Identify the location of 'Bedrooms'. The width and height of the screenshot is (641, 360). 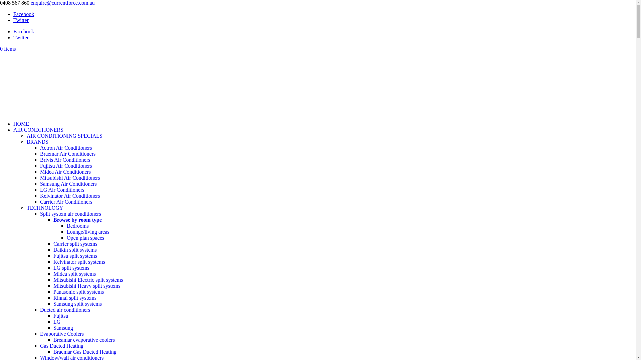
(78, 225).